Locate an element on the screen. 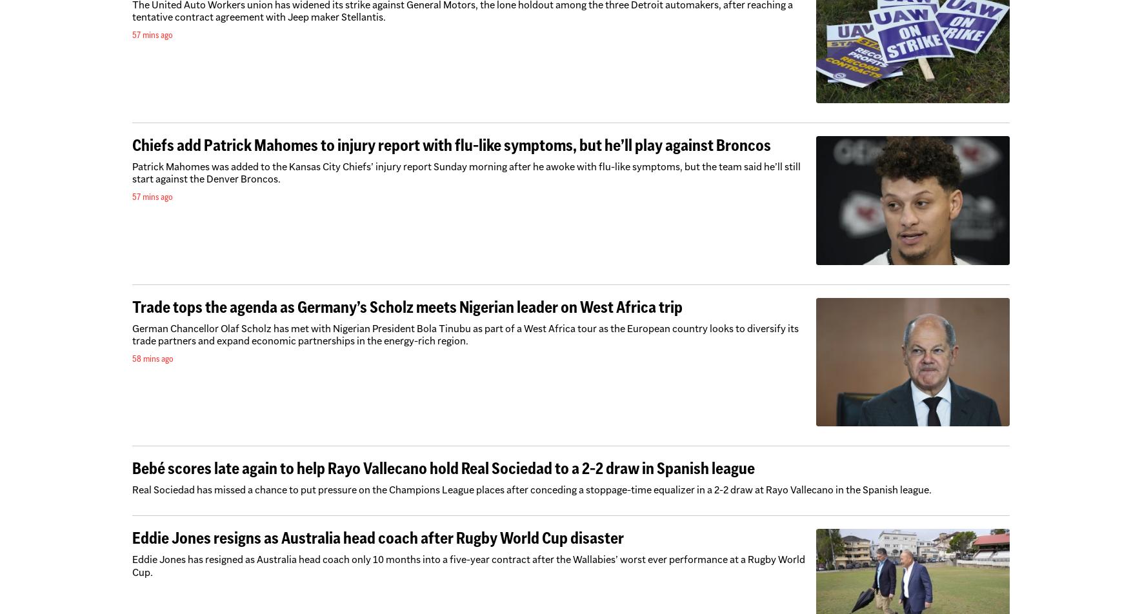 This screenshot has width=1142, height=614. 'Real Sociedad has missed a chance to put pressure on the Champions League places after conceding a stoppage-time equalizer in a 2-2 draw at Rayo Vallecano in the Spanish league.' is located at coordinates (532, 490).